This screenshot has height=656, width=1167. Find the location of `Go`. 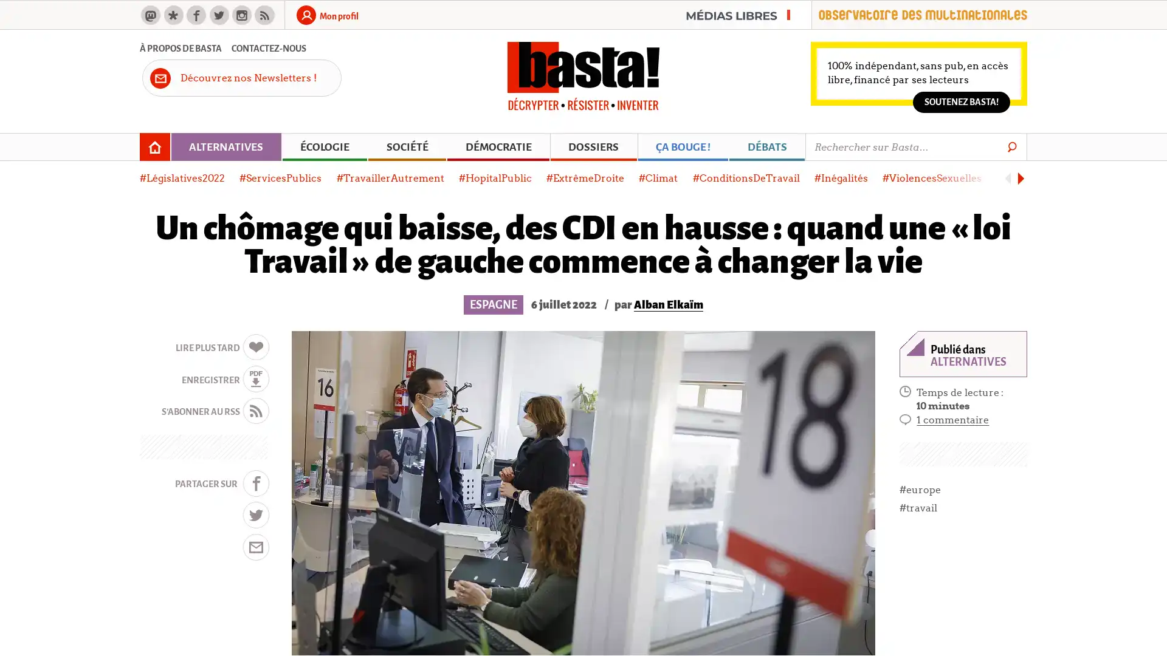

Go is located at coordinates (1012, 146).